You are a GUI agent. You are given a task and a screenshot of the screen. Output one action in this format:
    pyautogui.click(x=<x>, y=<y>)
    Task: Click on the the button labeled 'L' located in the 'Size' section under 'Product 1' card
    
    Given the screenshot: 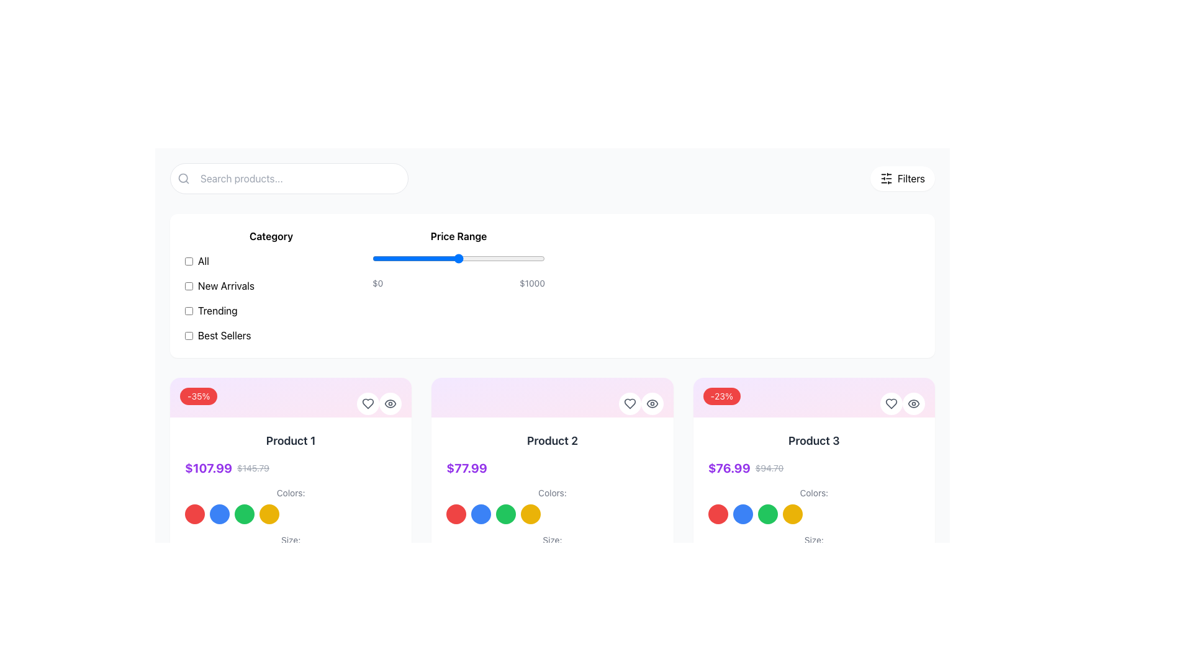 What is the action you would take?
    pyautogui.click(x=286, y=562)
    